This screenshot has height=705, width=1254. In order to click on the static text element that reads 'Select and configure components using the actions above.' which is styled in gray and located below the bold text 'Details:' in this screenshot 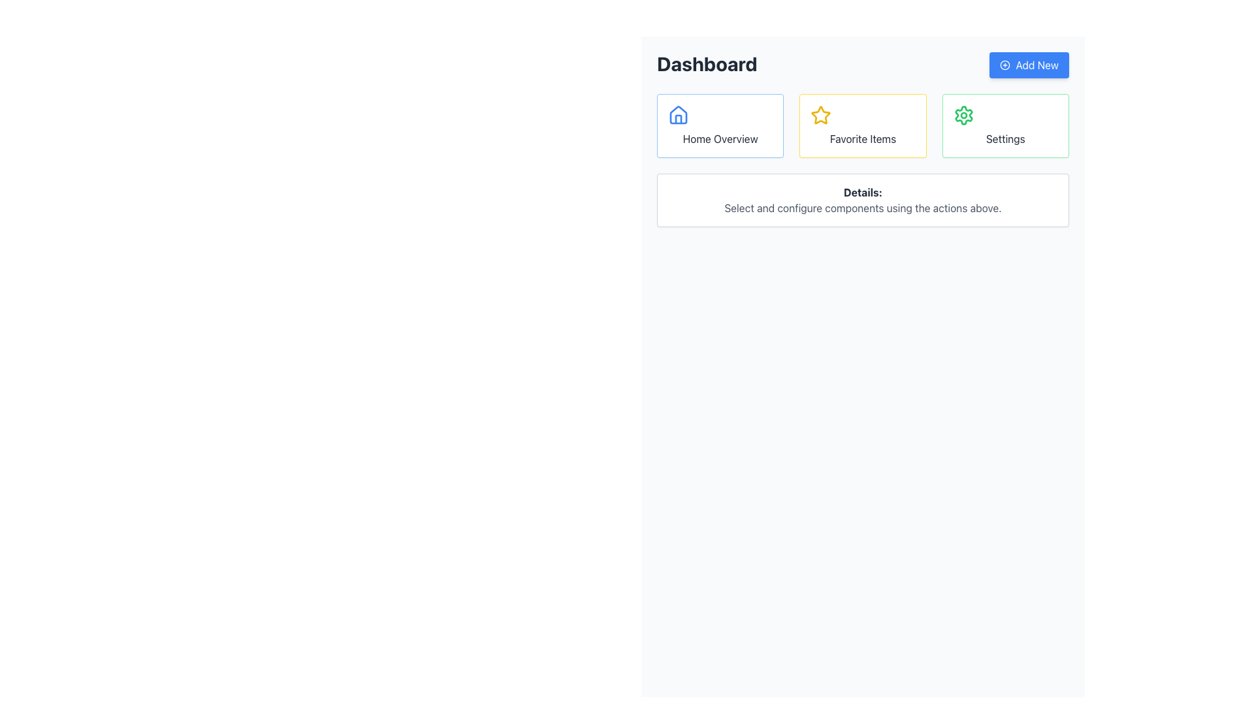, I will do `click(863, 208)`.